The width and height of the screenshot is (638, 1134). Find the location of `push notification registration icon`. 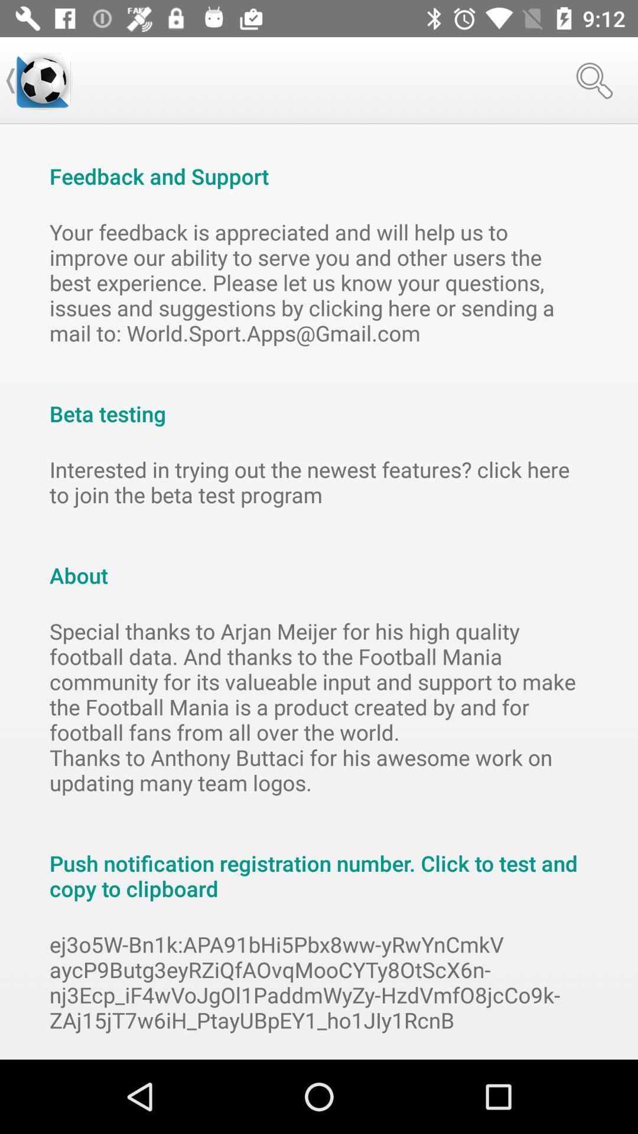

push notification registration icon is located at coordinates (319, 863).